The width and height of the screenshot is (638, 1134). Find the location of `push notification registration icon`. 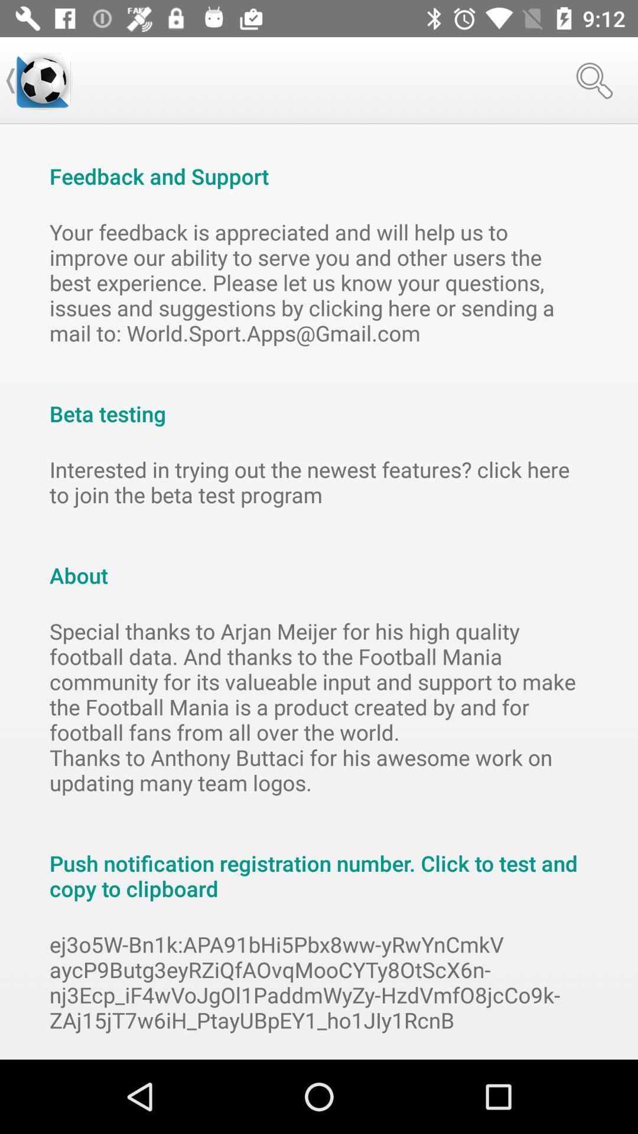

push notification registration icon is located at coordinates (319, 863).